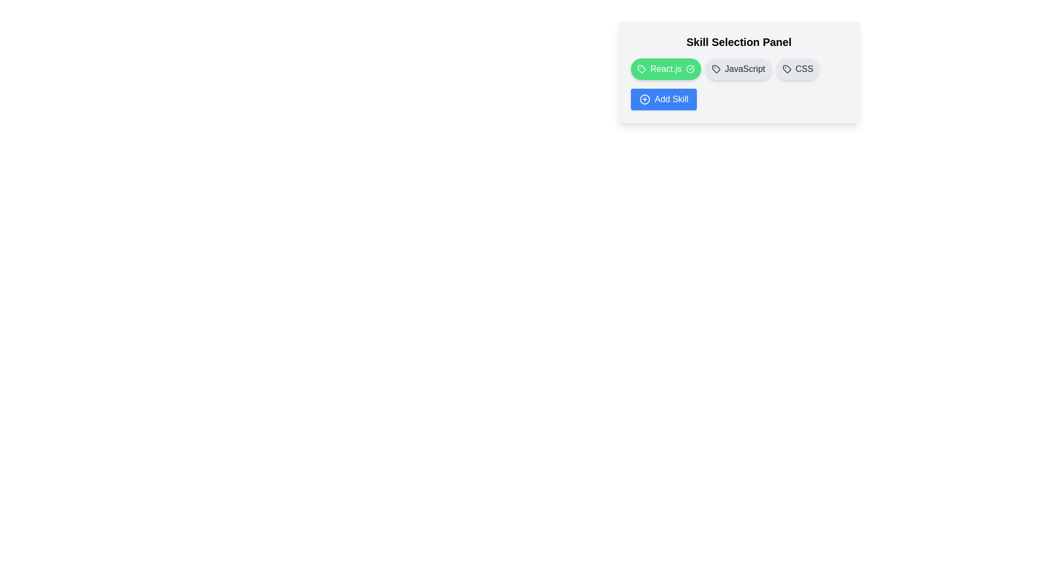 This screenshot has width=1038, height=584. Describe the element at coordinates (641, 69) in the screenshot. I see `the SVG icon of a tag with a green background that is located to the left of the 'React.js' text within its green rounded badge` at that location.